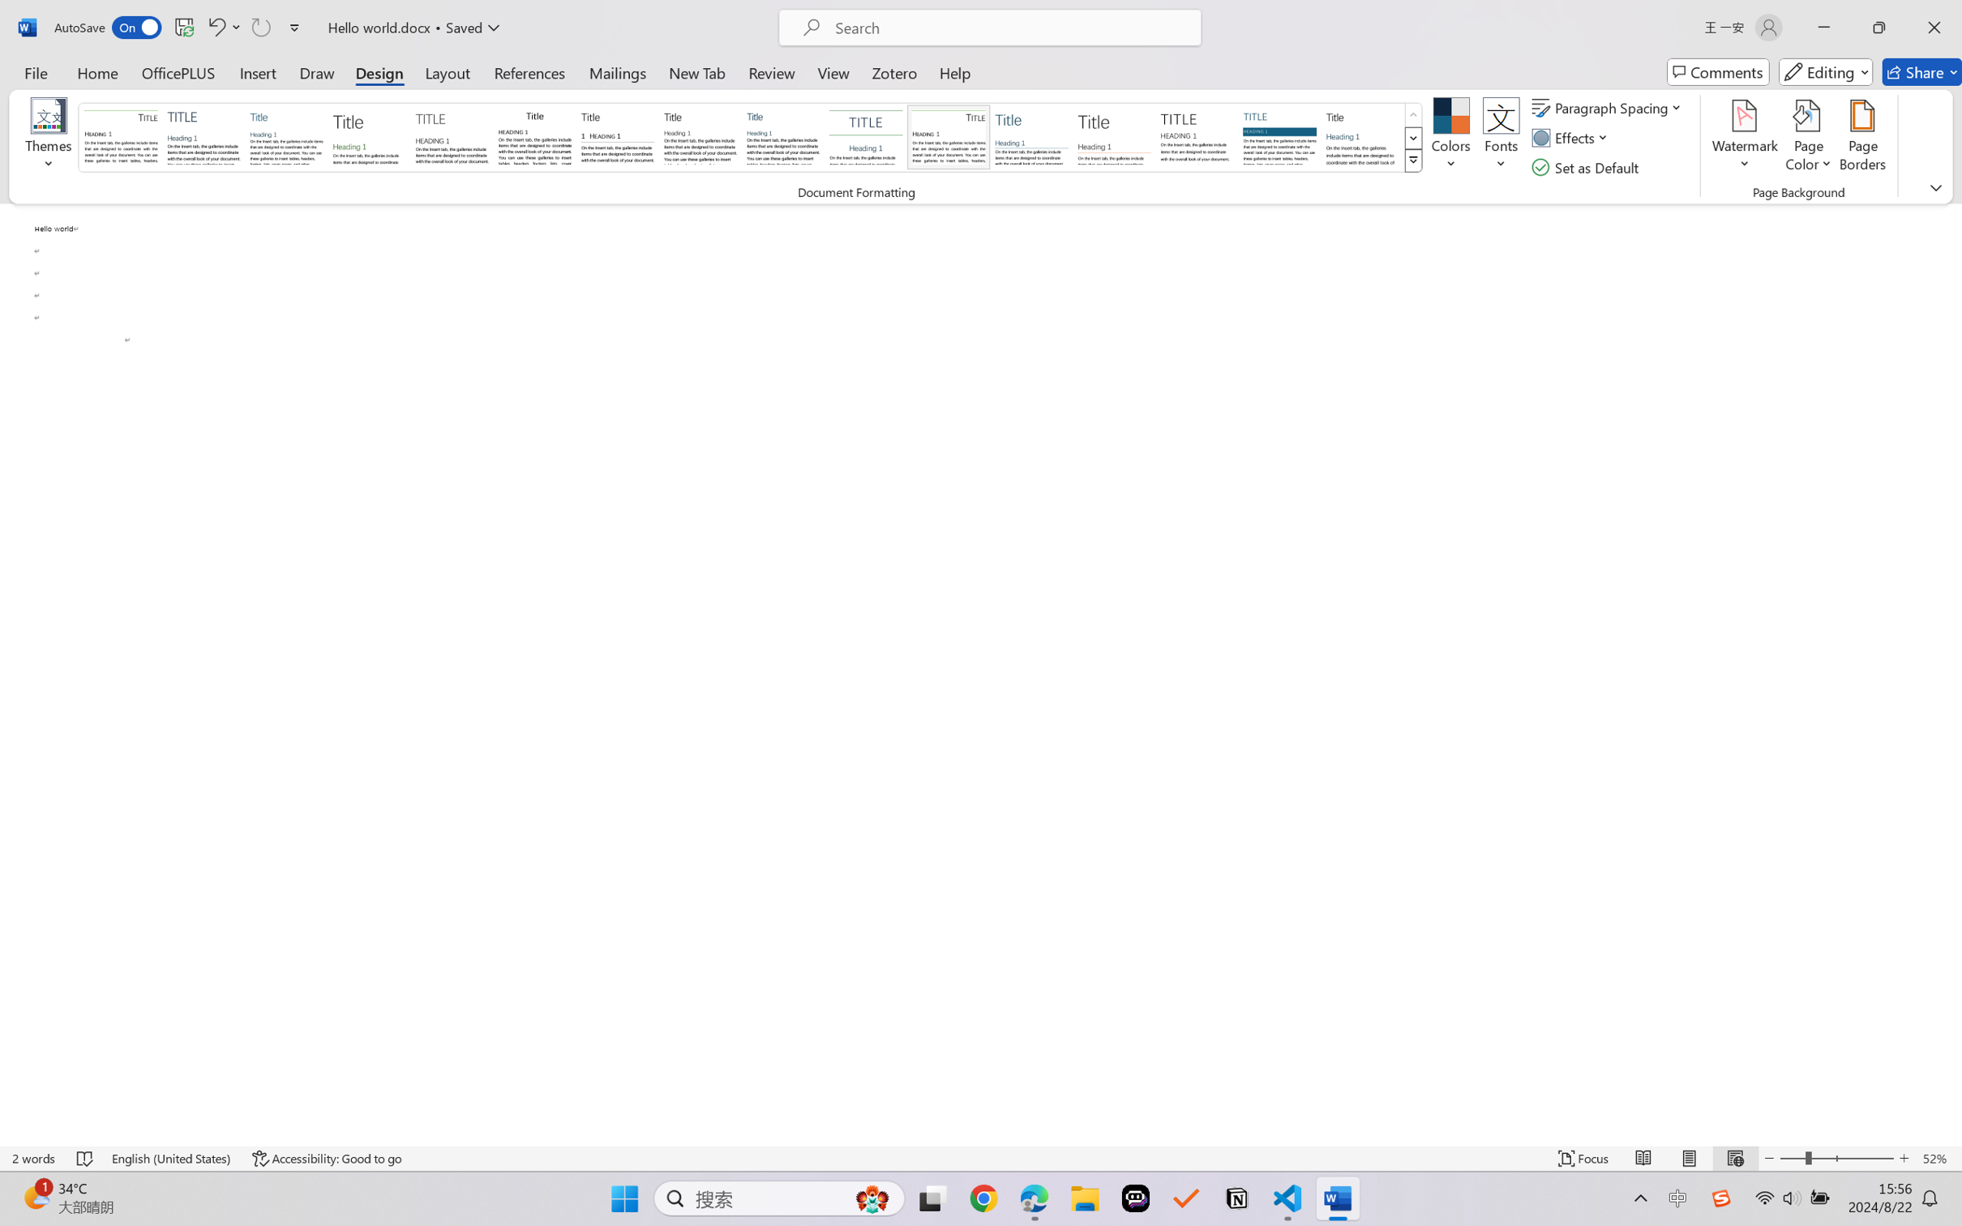  What do you see at coordinates (183, 27) in the screenshot?
I see `'Save'` at bounding box center [183, 27].